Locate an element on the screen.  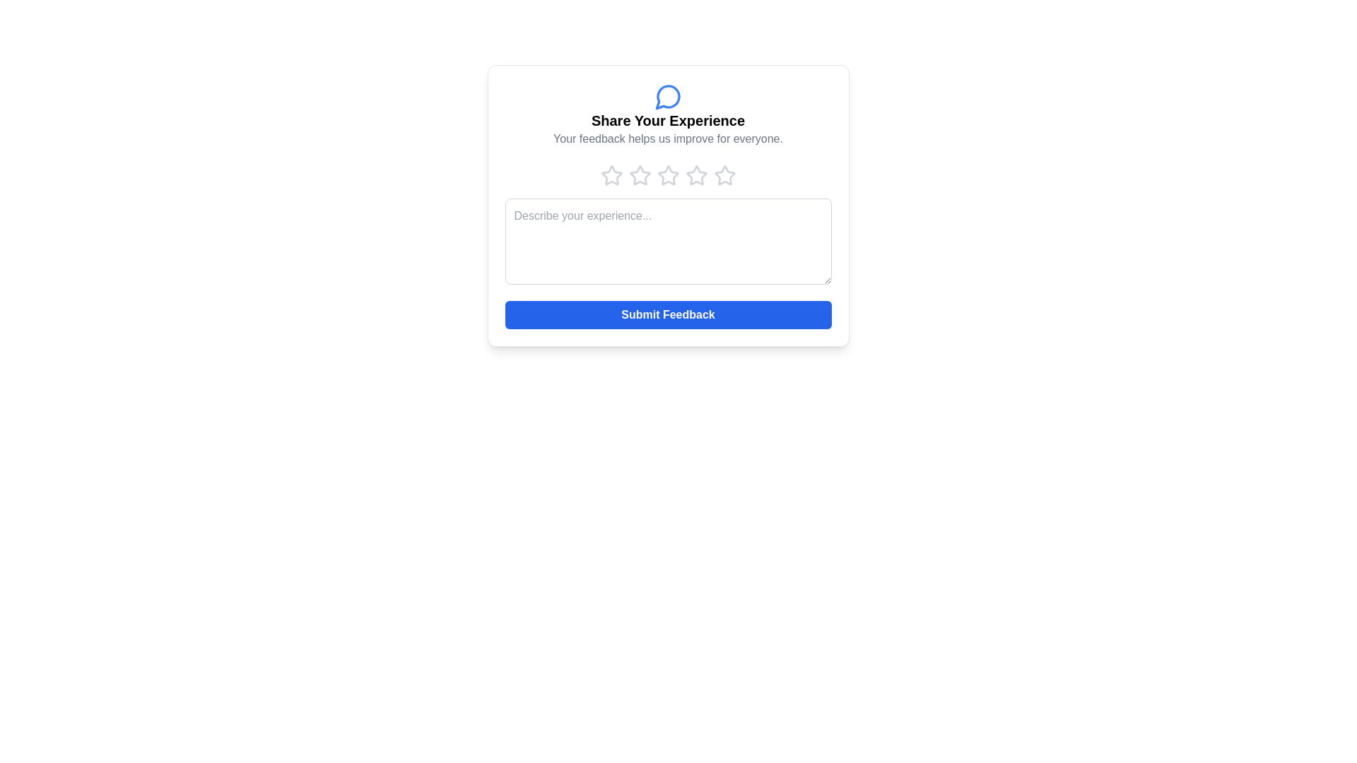
the fourth star icon in the rating system, which features a hollow center and gray outline, located at the top of the feedback card is located at coordinates (724, 175).